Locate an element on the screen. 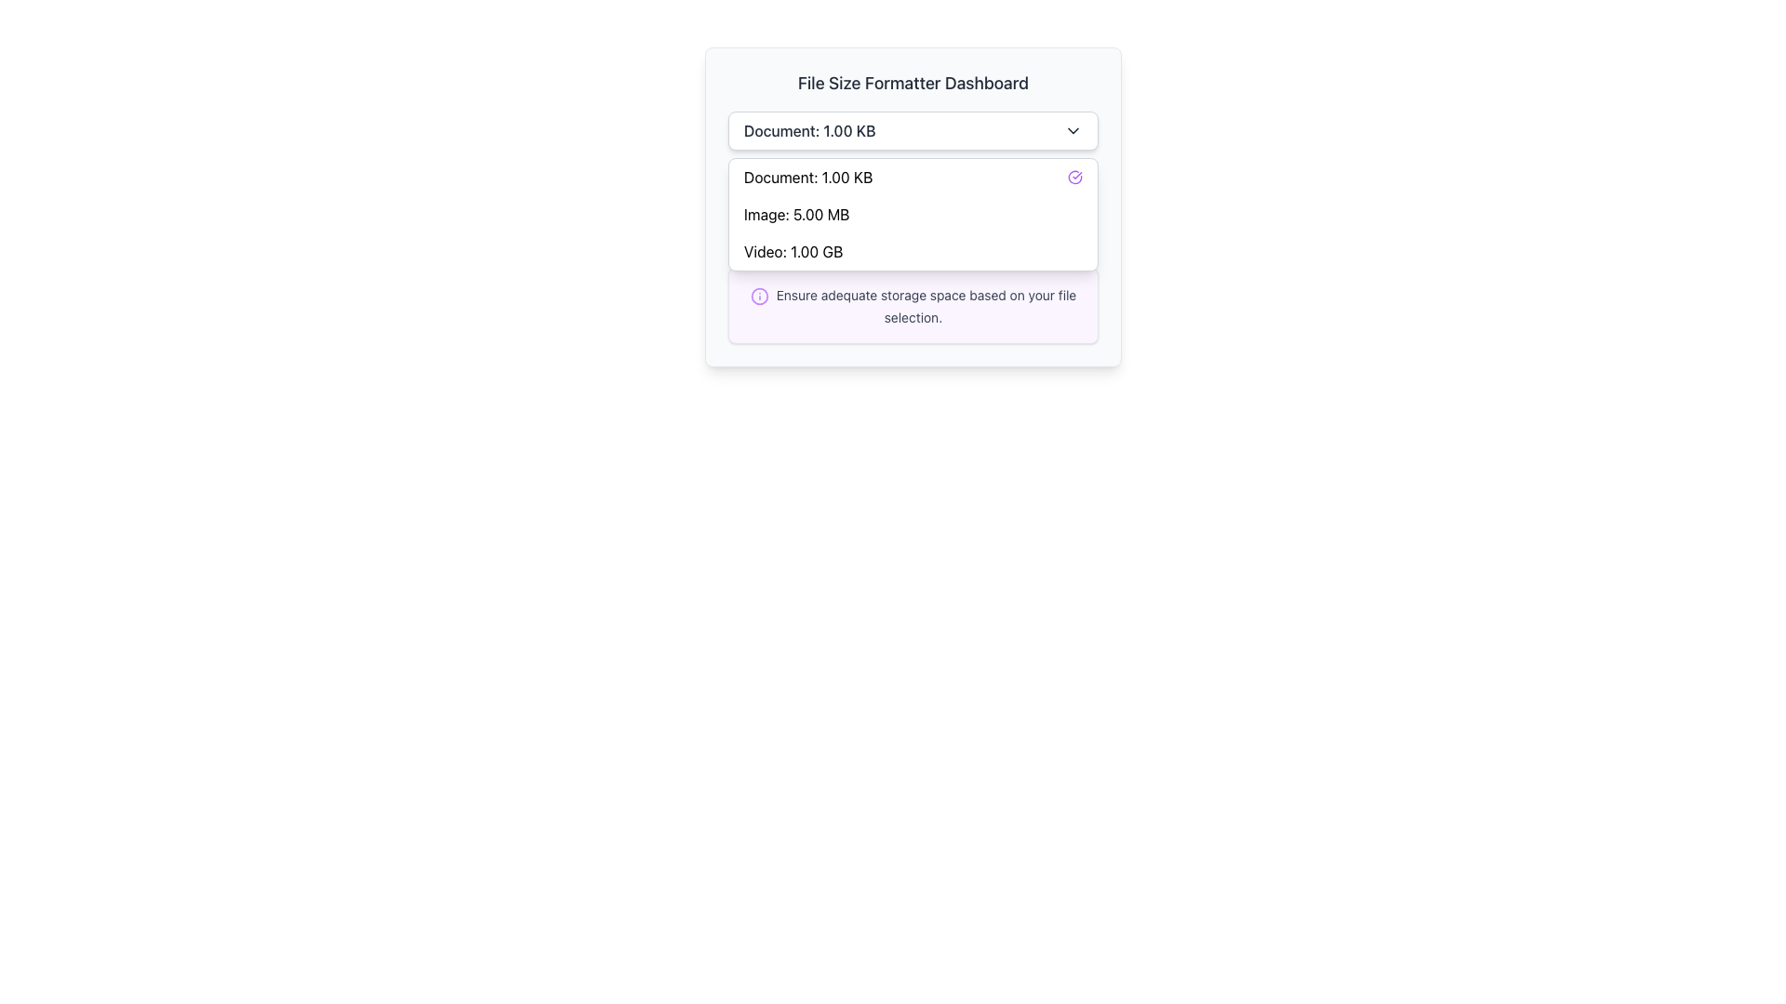 The image size is (1786, 1004). the first item in the dropdown menu representing a document-type file of size 1.00 KB is located at coordinates (913, 178).